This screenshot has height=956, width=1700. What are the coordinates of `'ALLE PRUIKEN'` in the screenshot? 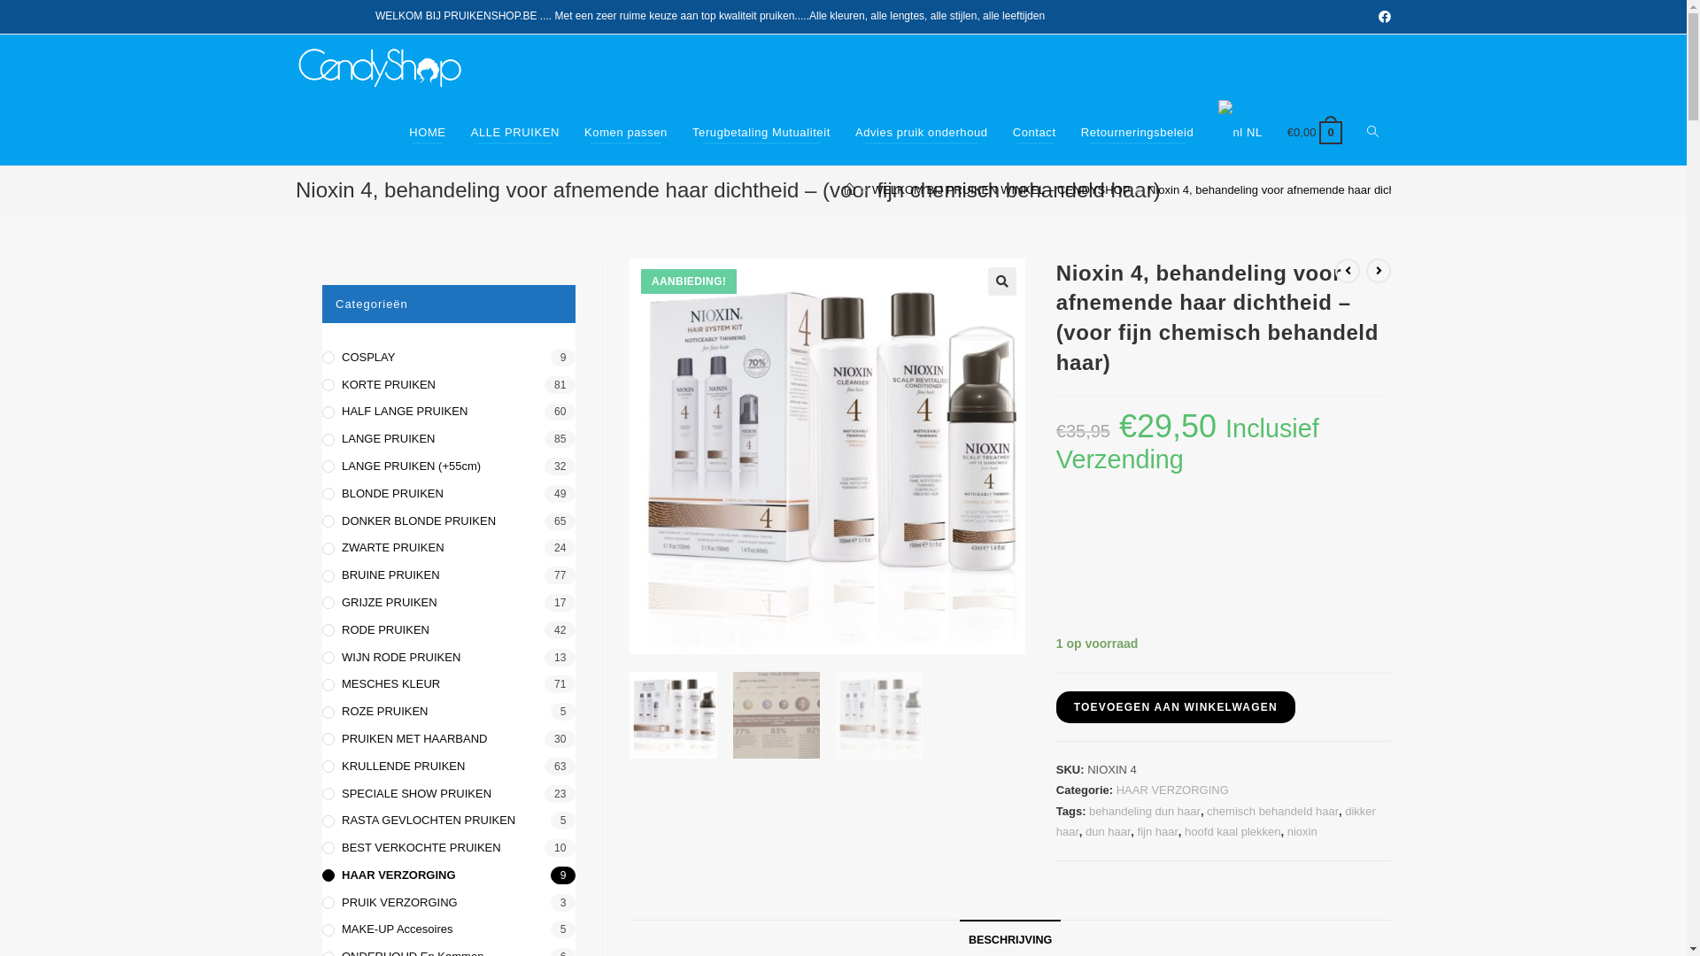 It's located at (514, 132).